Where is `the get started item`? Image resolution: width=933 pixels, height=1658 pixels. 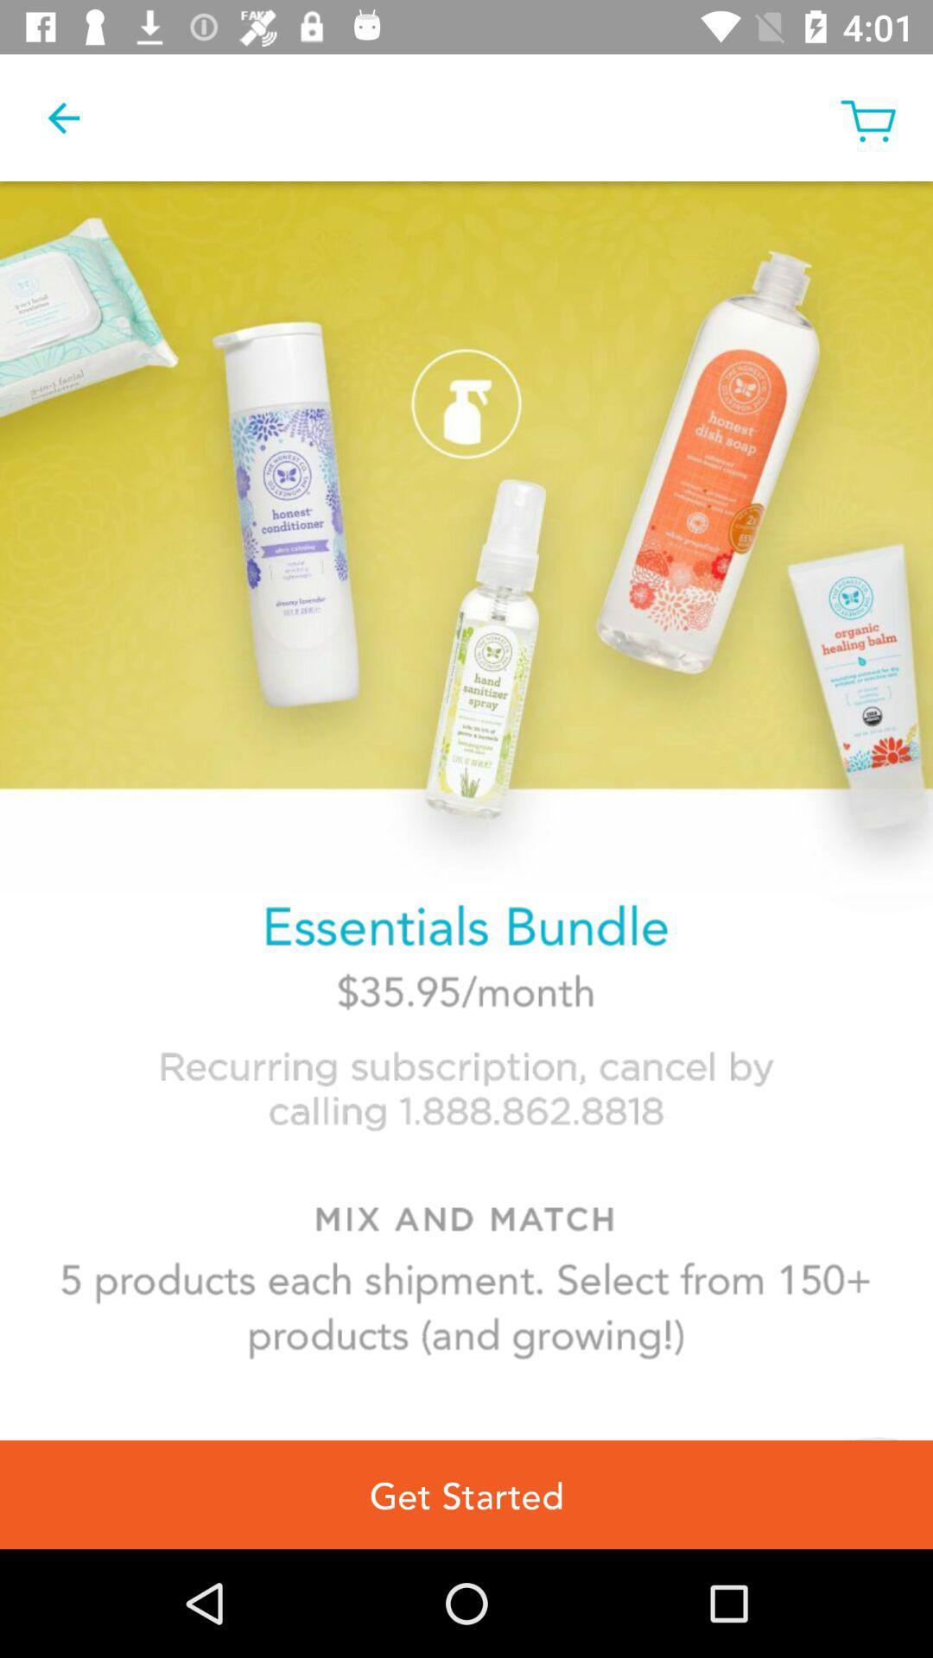 the get started item is located at coordinates (466, 1494).